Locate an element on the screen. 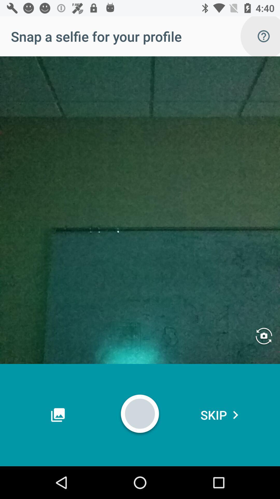  the wallpaper icon is located at coordinates (58, 415).